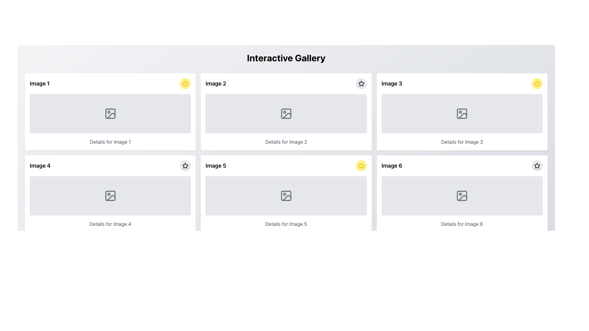  What do you see at coordinates (537, 165) in the screenshot?
I see `the circular gray button with a hollow star icon located at the top-right corner of the box containing the title 'Image 6'` at bounding box center [537, 165].